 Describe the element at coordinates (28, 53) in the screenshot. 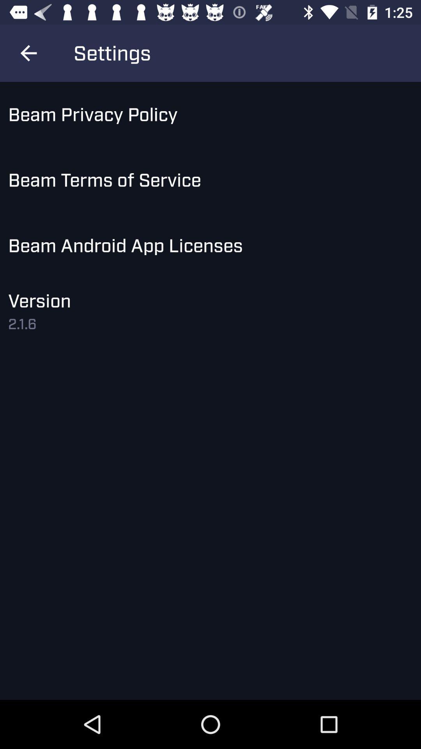

I see `the icon above the beam privacy policy icon` at that location.